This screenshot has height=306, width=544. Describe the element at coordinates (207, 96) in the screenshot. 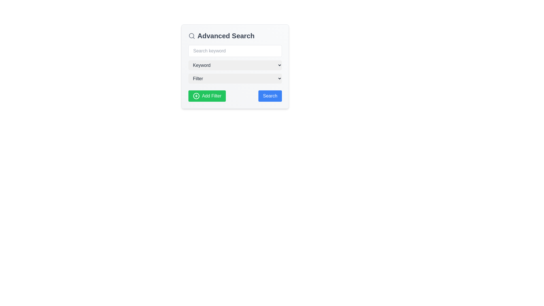

I see `the 'Add Filter' button, which has a green background, rounded corners, and white text, located to the left of the 'Search' button` at that location.